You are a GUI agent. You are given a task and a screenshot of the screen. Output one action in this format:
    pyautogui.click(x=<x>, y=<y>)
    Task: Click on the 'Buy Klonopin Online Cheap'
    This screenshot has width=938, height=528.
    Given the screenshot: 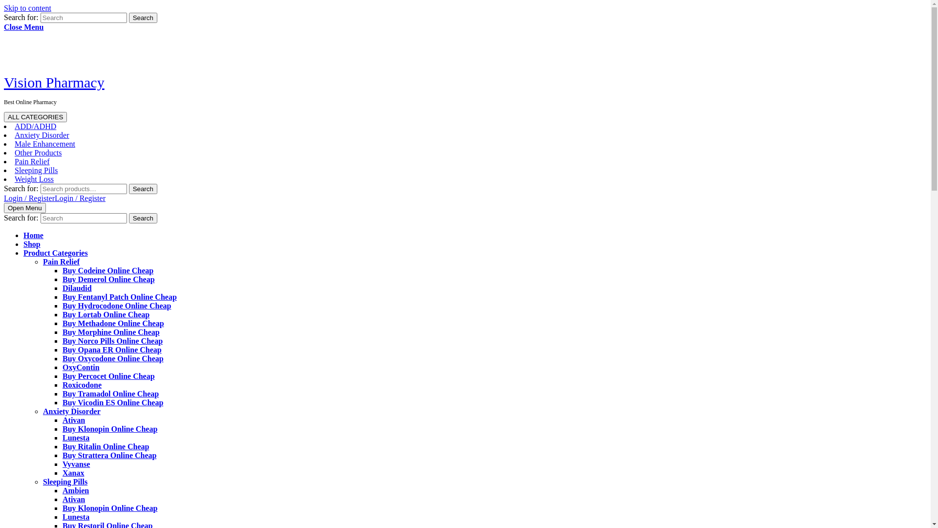 What is the action you would take?
    pyautogui.click(x=110, y=428)
    